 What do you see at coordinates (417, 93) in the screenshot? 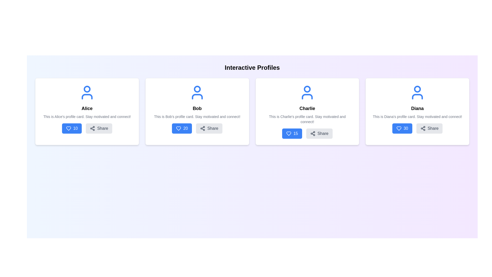
I see `the user profile icon for 'Diana', which is a blue circular head with shoulders, located at the top-center of the profile card` at bounding box center [417, 93].